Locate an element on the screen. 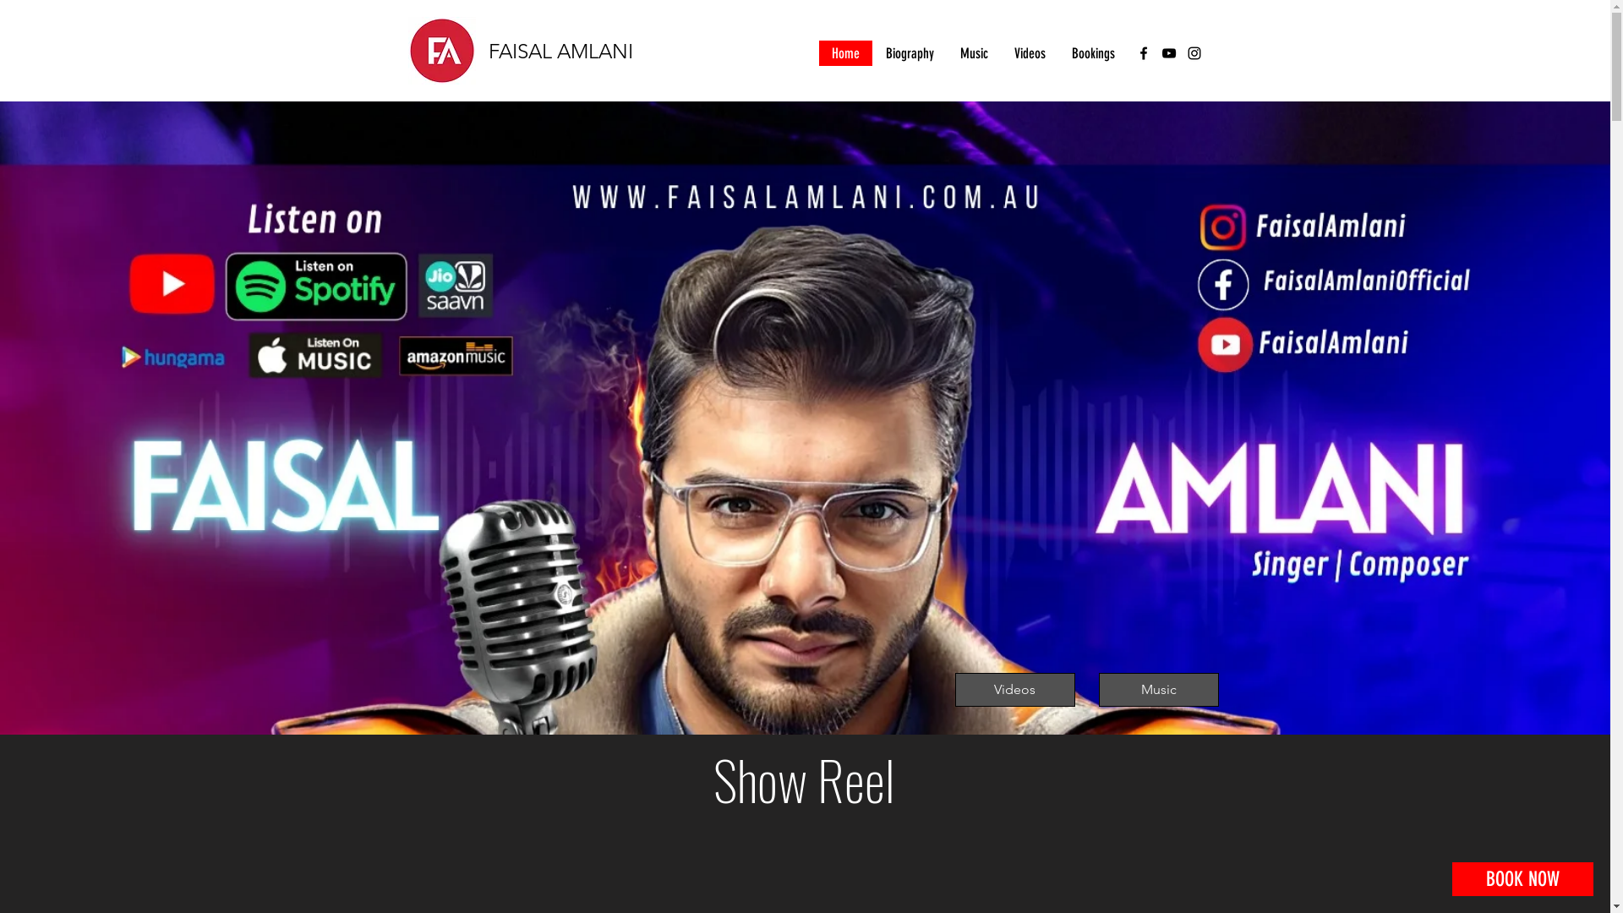  'Music' is located at coordinates (1158, 690).